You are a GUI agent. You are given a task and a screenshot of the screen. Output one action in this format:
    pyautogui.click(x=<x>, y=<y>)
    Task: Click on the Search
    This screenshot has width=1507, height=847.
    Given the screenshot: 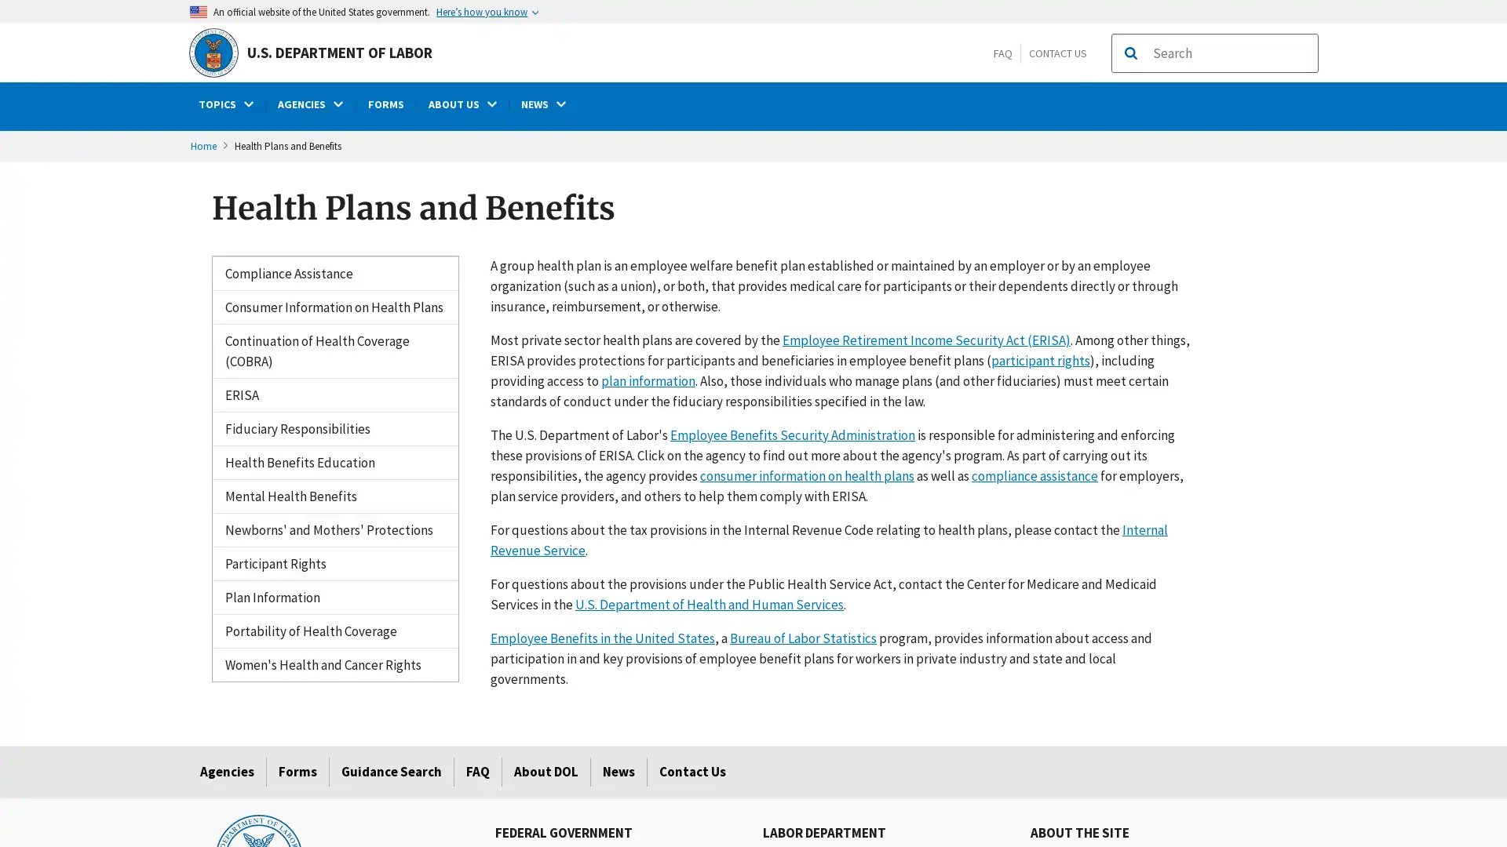 What is the action you would take?
    pyautogui.click(x=1130, y=53)
    